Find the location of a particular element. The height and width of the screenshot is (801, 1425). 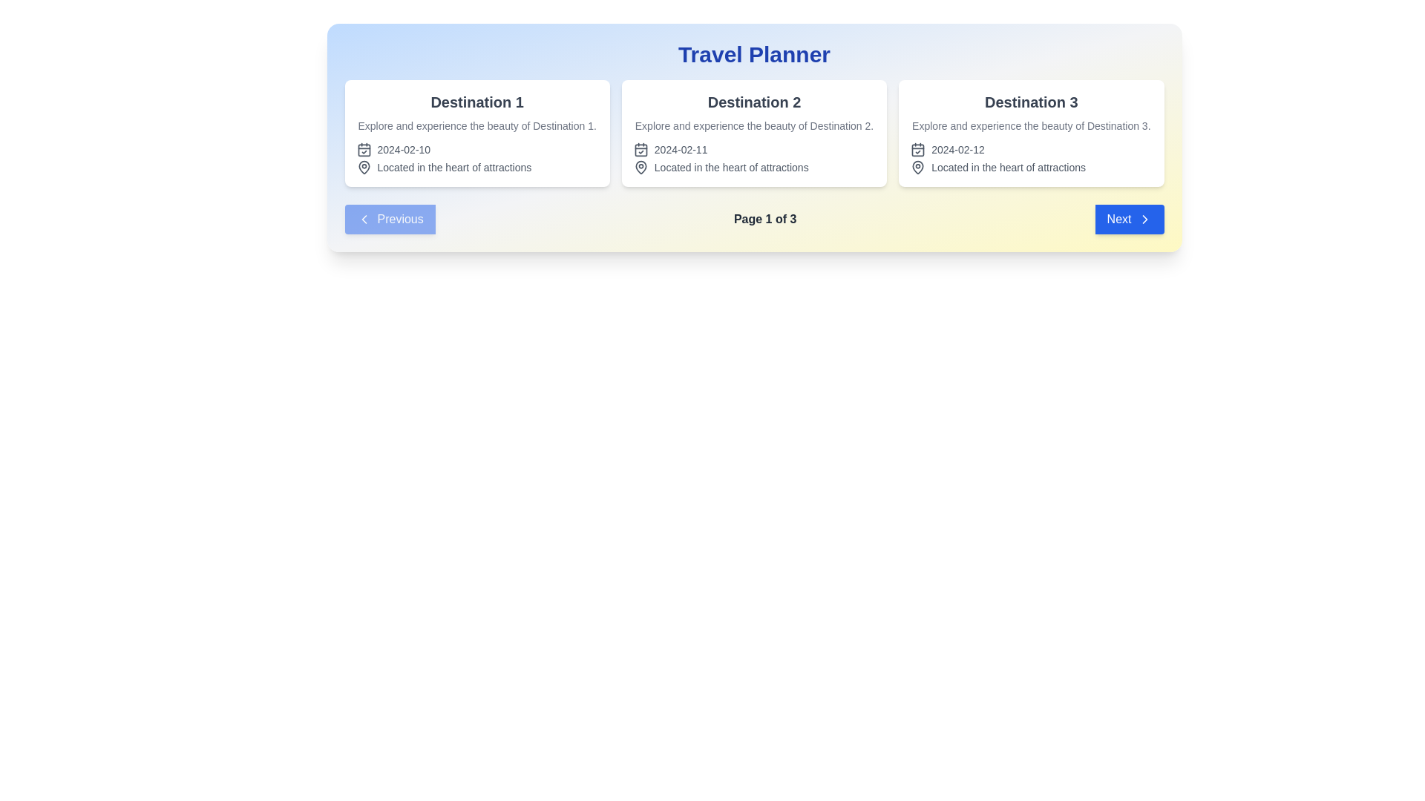

text displayed in the pagination section, which shows 'Page 1 of 3' in bold font, located centrally between the 'Previous' and 'Next' buttons is located at coordinates (754, 220).